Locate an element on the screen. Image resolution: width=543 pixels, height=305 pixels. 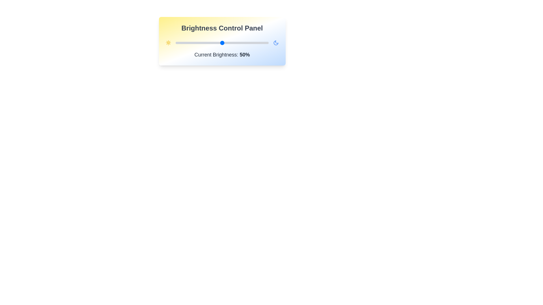
the brightness is located at coordinates (225, 42).